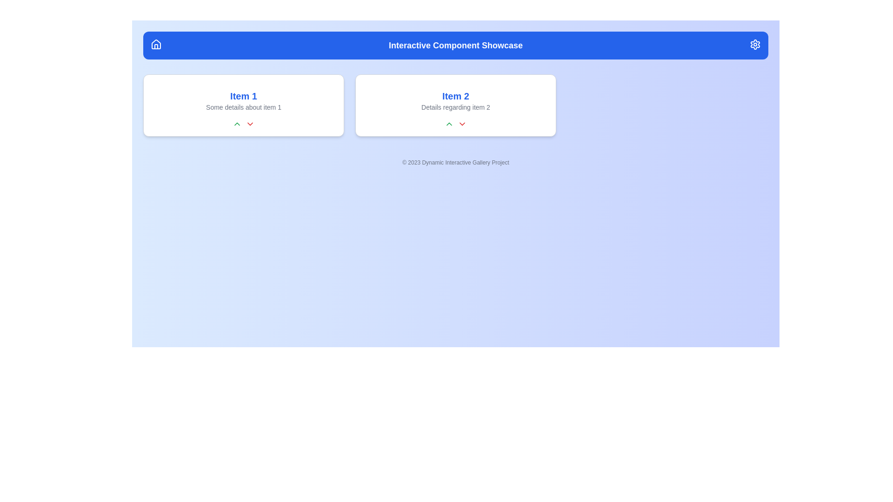 The image size is (893, 502). Describe the element at coordinates (455, 96) in the screenshot. I see `text label that identifies and summarizes the associated content, located above the smaller text element with the description 'Details regarding item 2', in the second card of a horizontally arranged set` at that location.